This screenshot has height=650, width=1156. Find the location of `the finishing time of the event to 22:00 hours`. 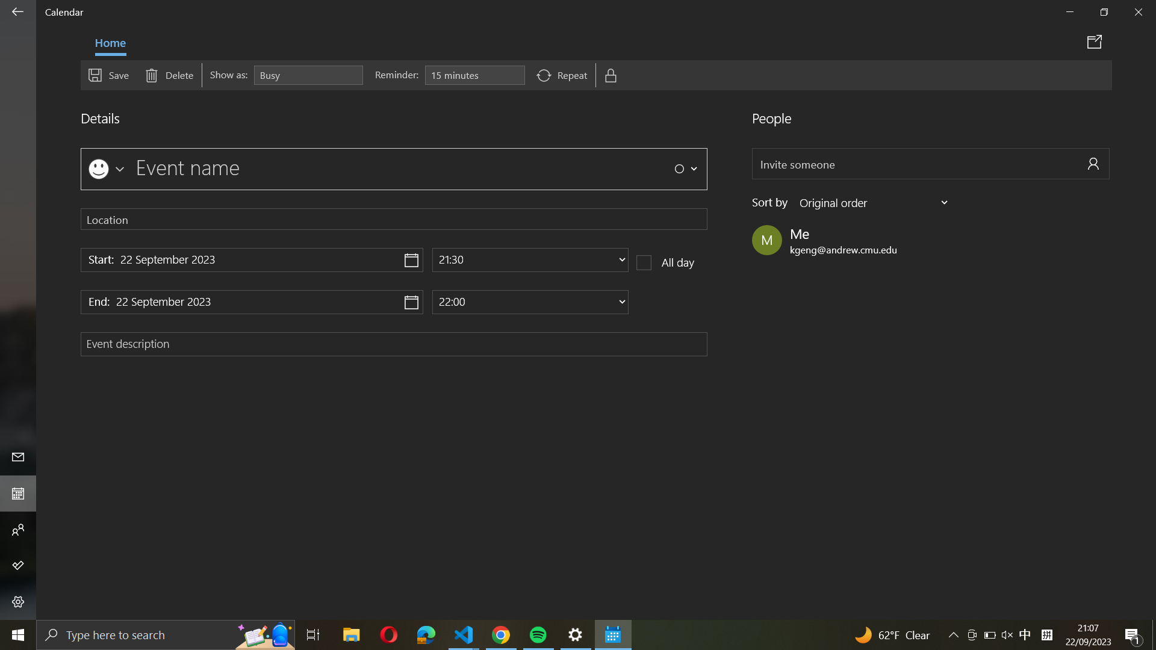

the finishing time of the event to 22:00 hours is located at coordinates (530, 301).